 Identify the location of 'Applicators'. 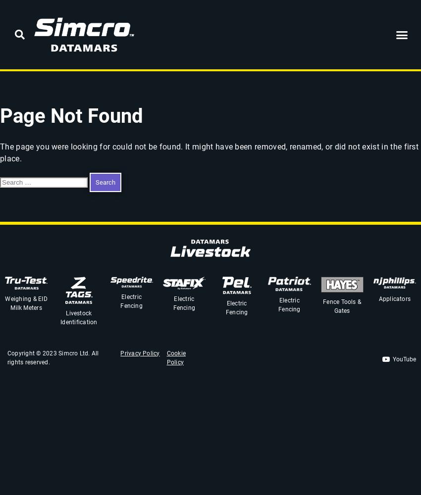
(394, 298).